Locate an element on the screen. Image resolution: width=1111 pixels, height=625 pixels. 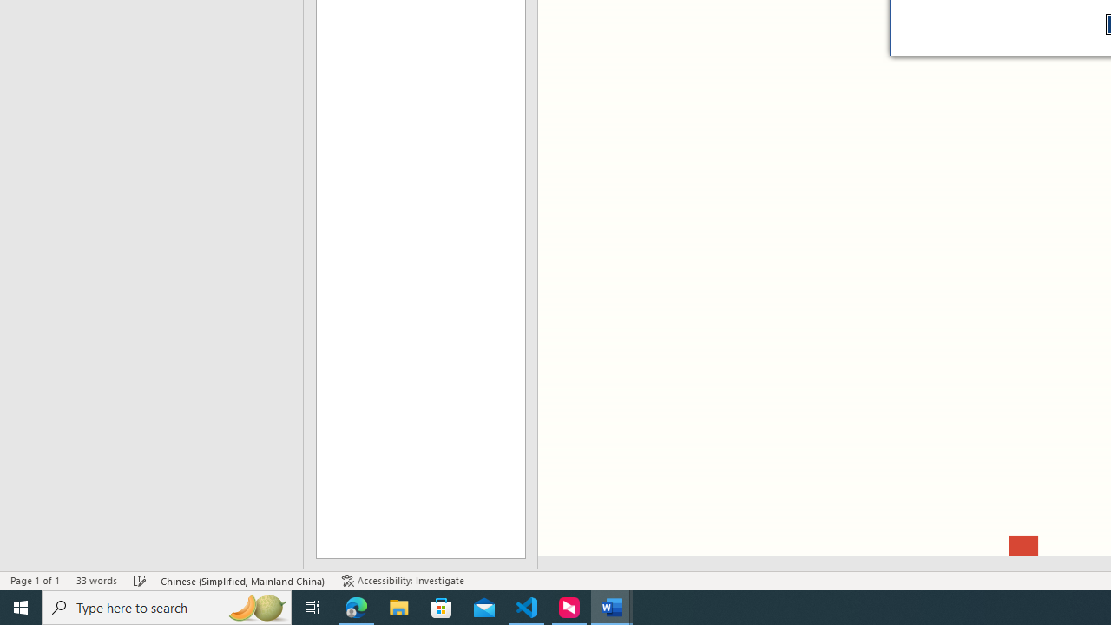
'Accessibility Checker Accessibility: Investigate' is located at coordinates (402, 581).